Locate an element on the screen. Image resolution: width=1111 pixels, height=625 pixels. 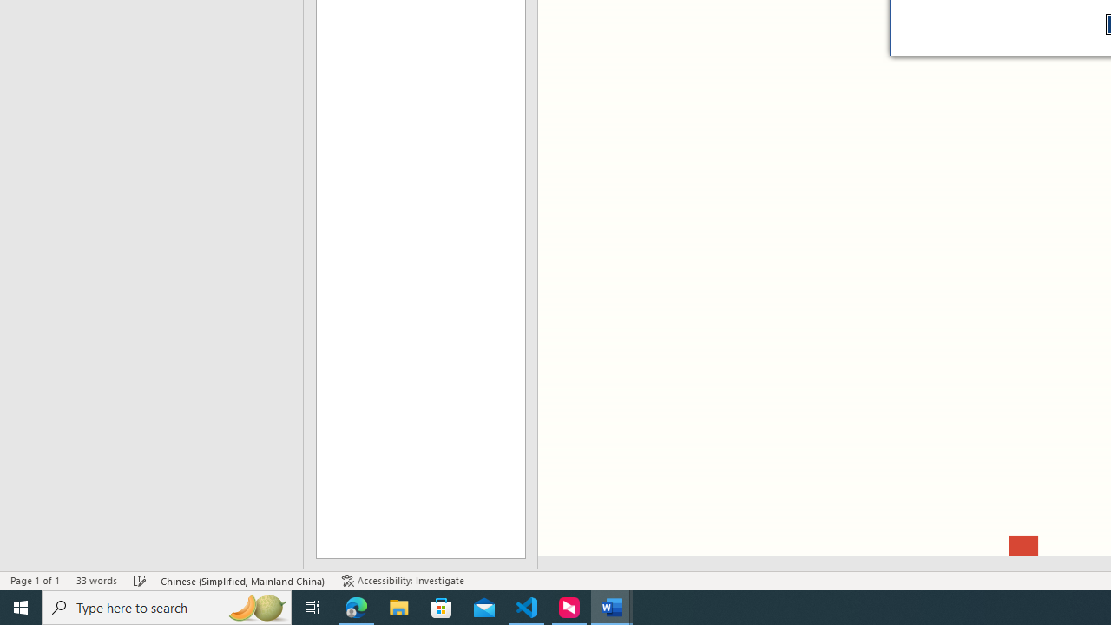
'Accessibility Checker Accessibility: Investigate' is located at coordinates (402, 581).